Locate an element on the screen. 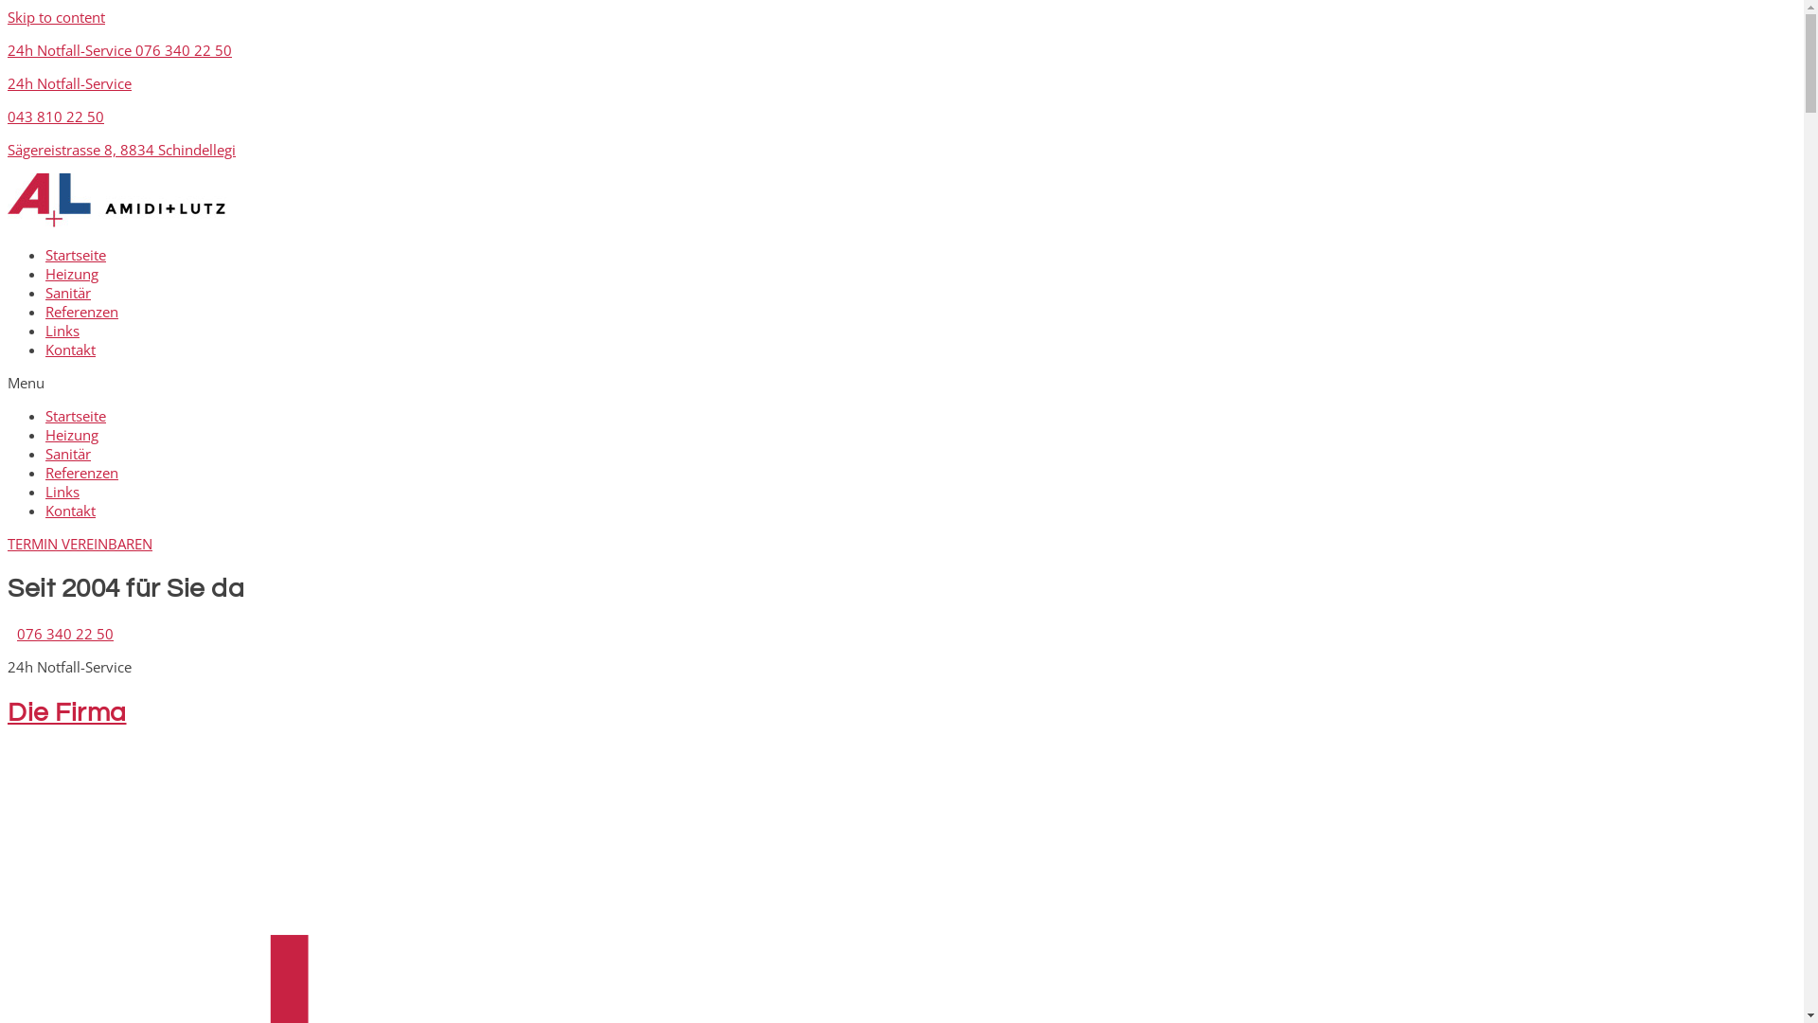 The image size is (1818, 1023). 'Kontakt' is located at coordinates (70, 510).